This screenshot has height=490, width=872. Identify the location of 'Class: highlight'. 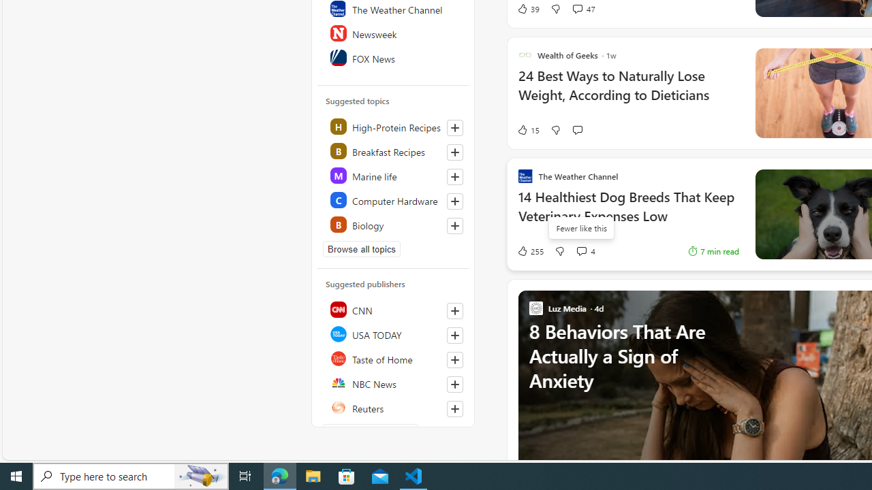
(393, 224).